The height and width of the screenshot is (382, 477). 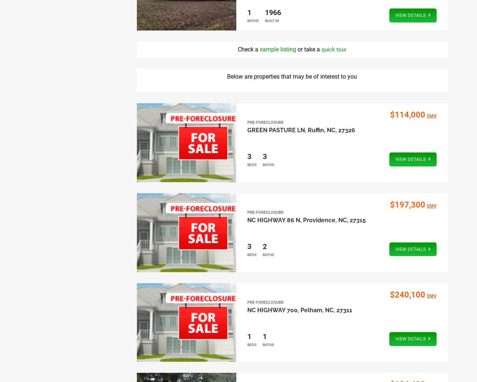 What do you see at coordinates (309, 49) in the screenshot?
I see `'or take a'` at bounding box center [309, 49].